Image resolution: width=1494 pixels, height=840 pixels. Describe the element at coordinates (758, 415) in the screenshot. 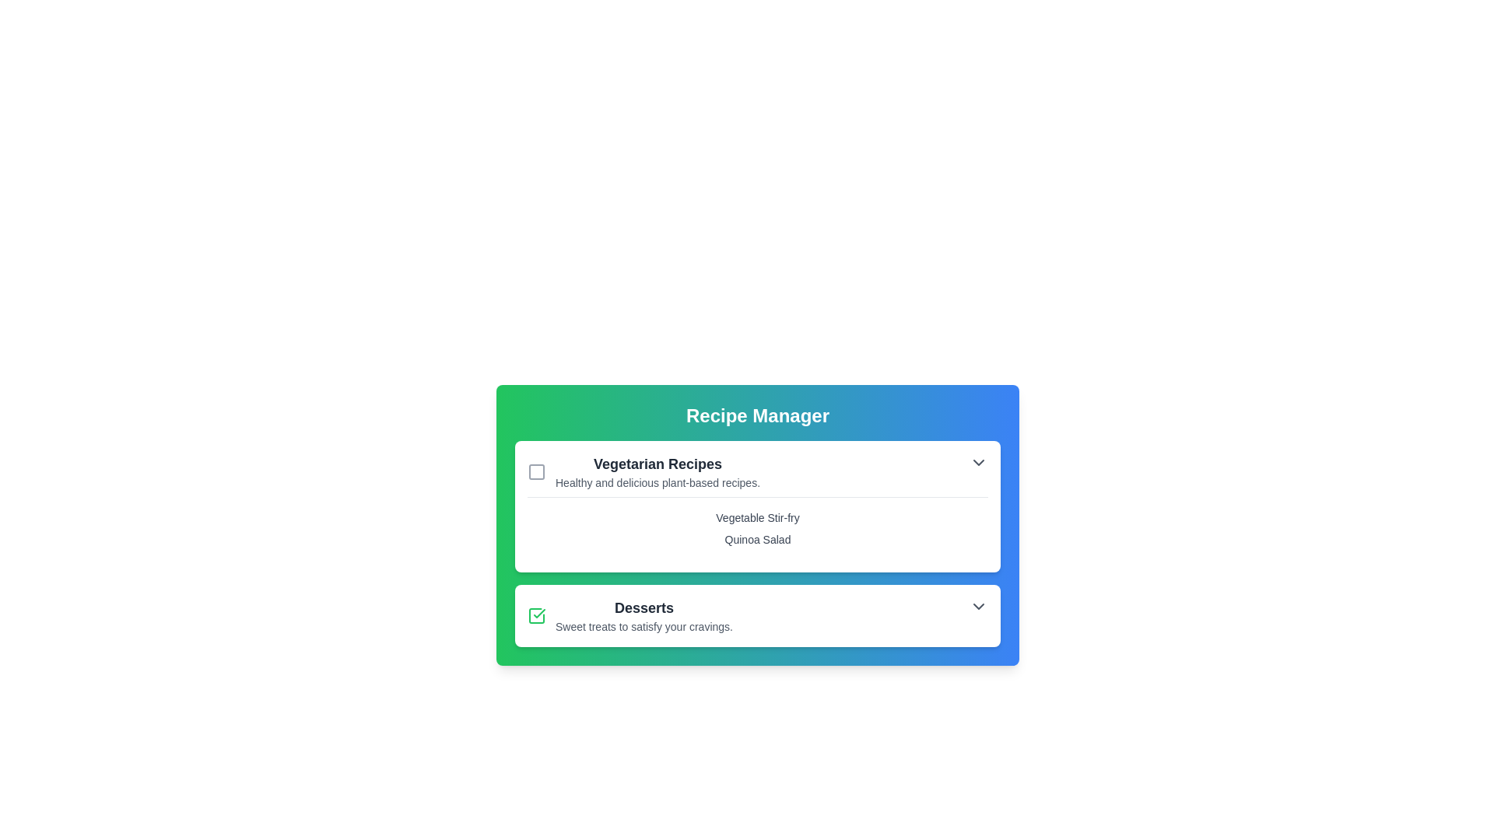

I see `the 'Recipe Manager' heading element` at that location.